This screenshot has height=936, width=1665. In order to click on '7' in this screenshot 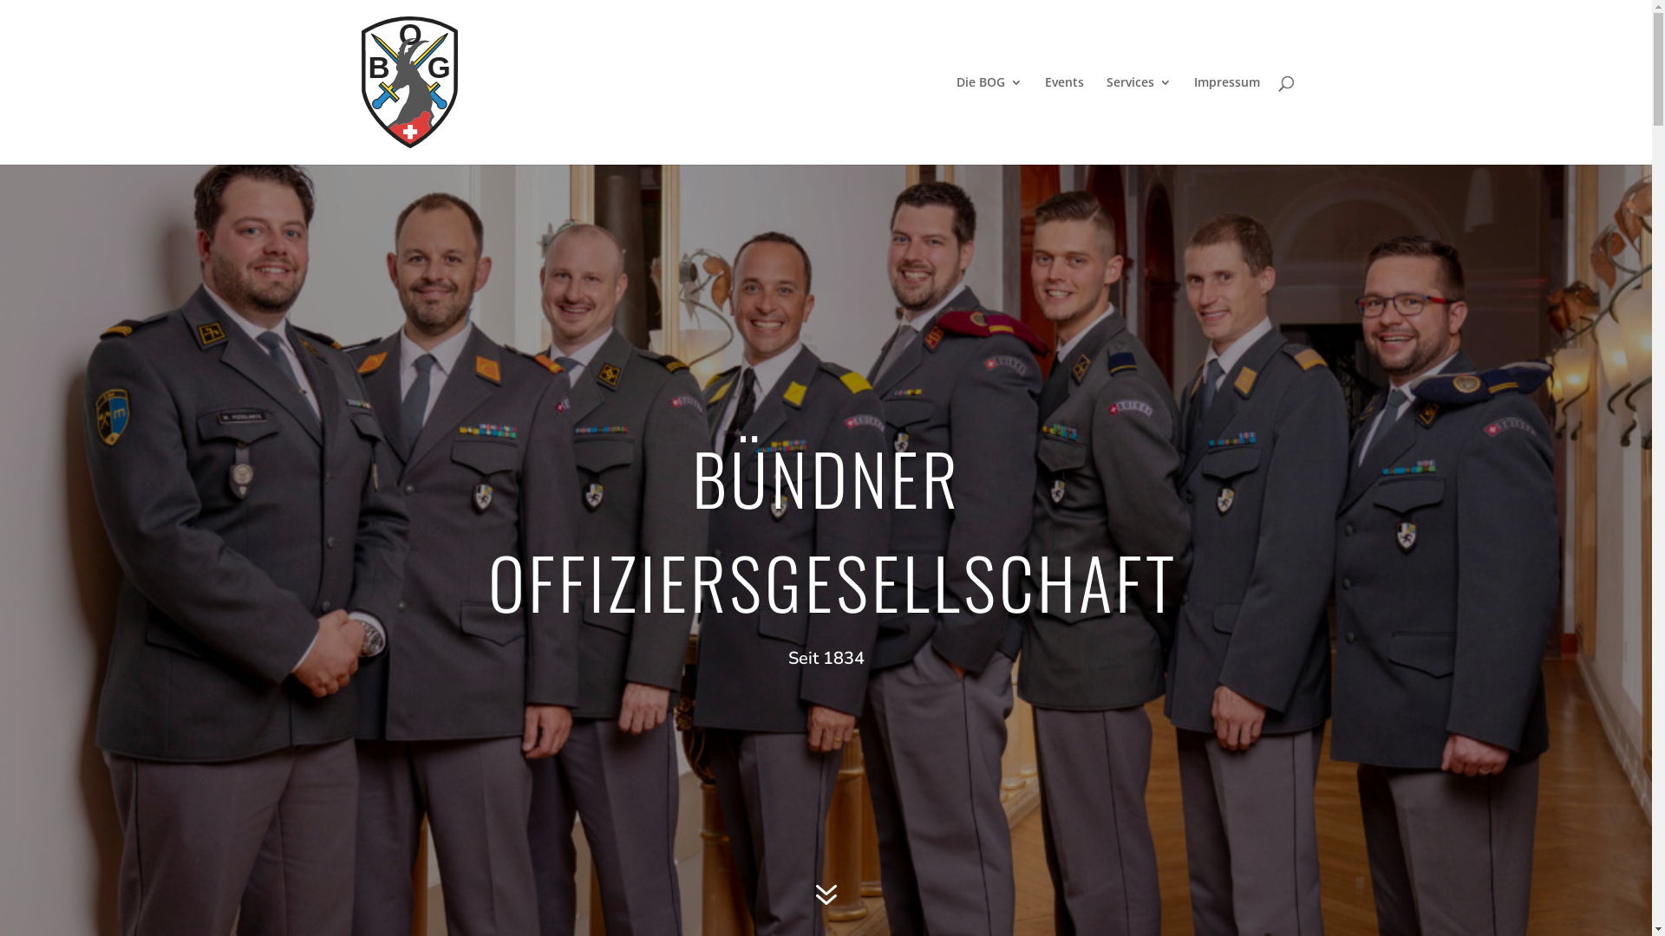, I will do `click(803, 895)`.